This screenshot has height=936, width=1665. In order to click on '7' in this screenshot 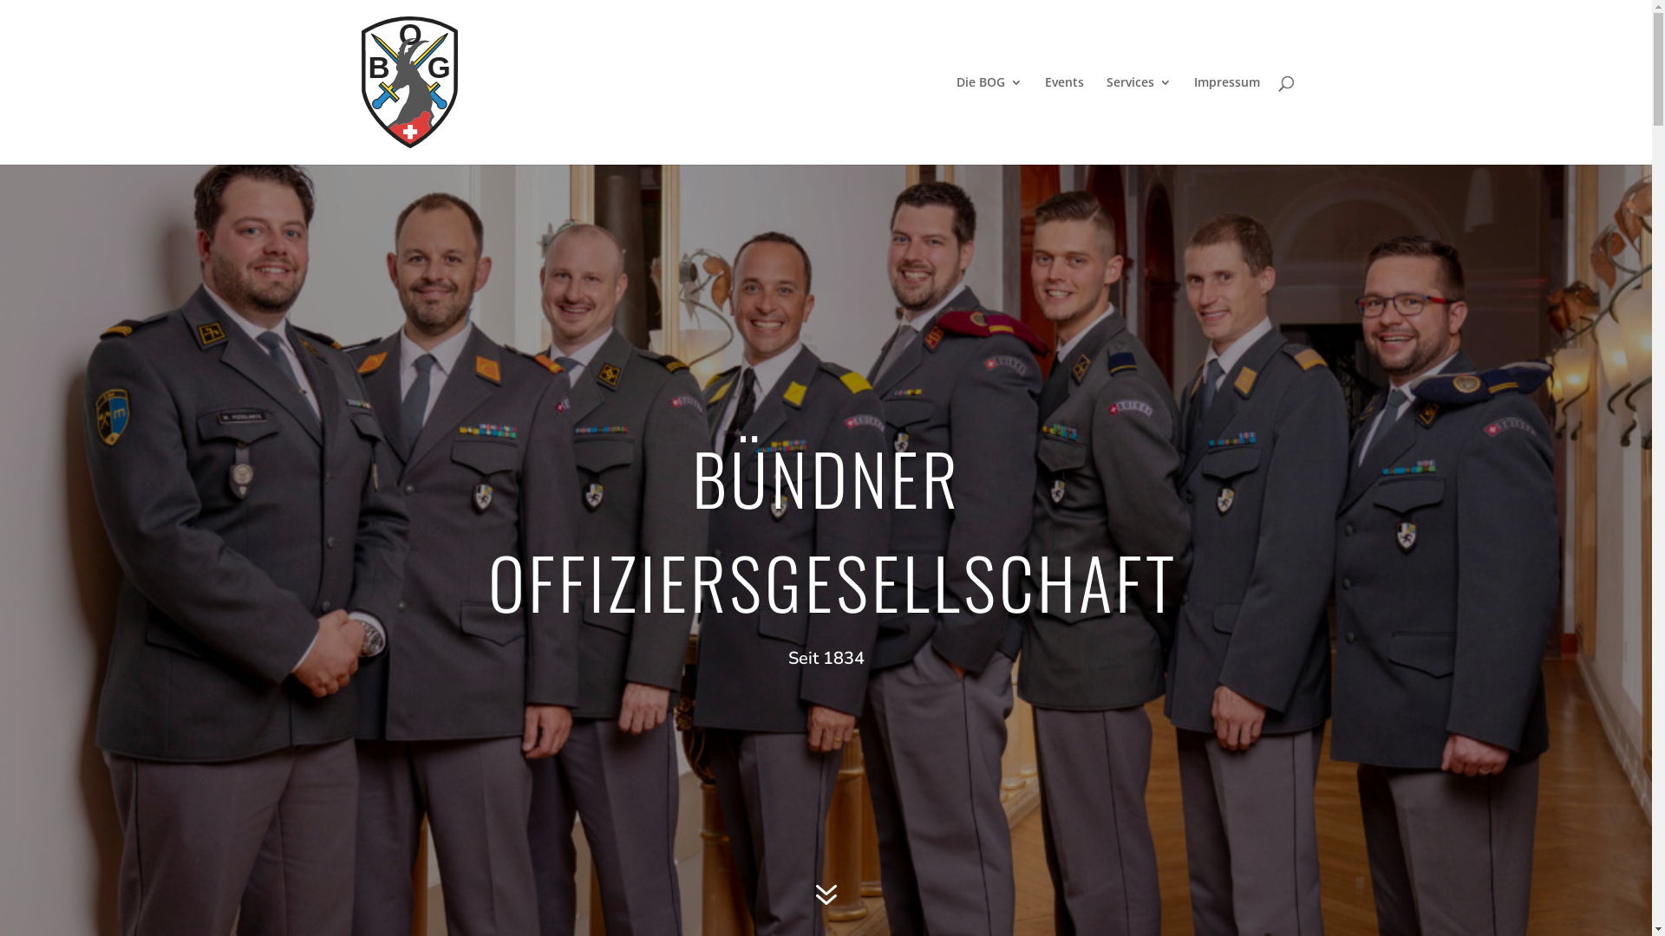, I will do `click(803, 895)`.